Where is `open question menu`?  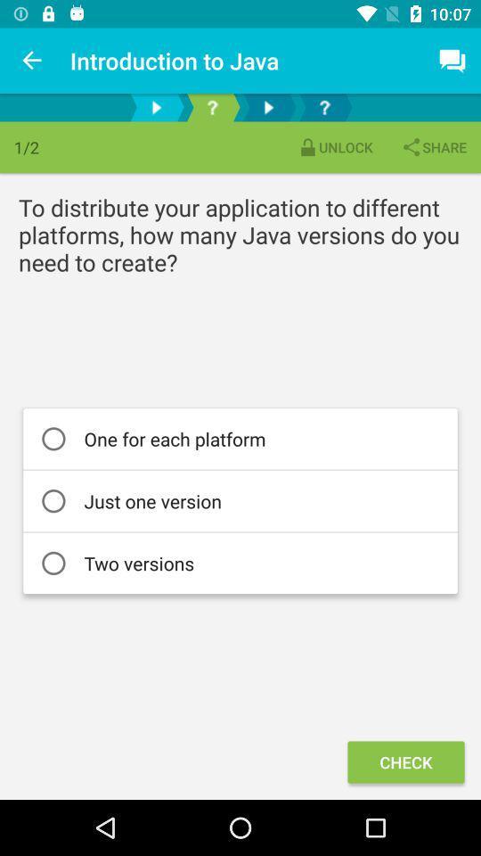 open question menu is located at coordinates (212, 107).